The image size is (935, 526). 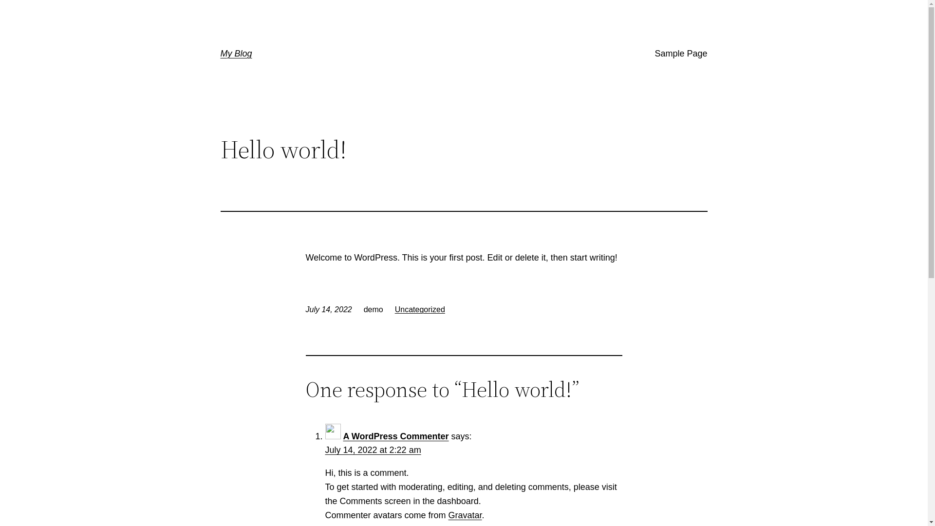 I want to click on 'July 14, 2022 at 2:22 am', so click(x=373, y=450).